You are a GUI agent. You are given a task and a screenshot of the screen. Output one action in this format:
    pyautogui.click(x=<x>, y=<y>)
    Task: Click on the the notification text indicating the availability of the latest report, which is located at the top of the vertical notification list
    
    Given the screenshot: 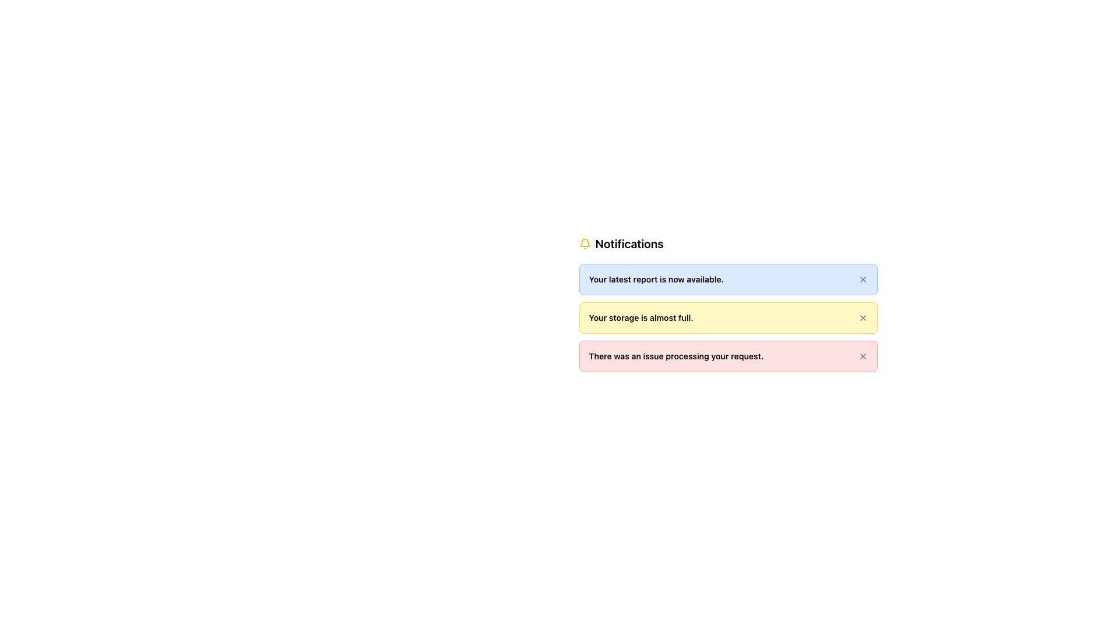 What is the action you would take?
    pyautogui.click(x=656, y=279)
    